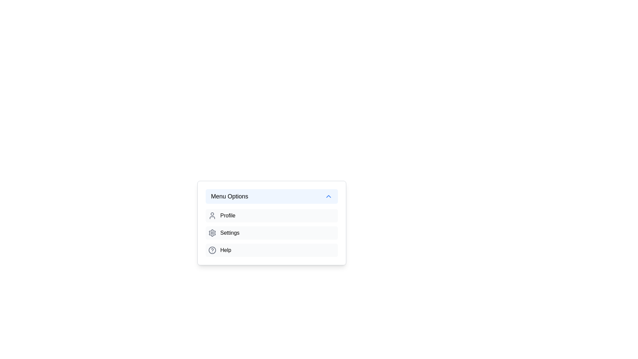  I want to click on the decorative 'Settings' icon located in the second item of the vertical menu, positioned to the left of the text 'Settings', so click(212, 233).